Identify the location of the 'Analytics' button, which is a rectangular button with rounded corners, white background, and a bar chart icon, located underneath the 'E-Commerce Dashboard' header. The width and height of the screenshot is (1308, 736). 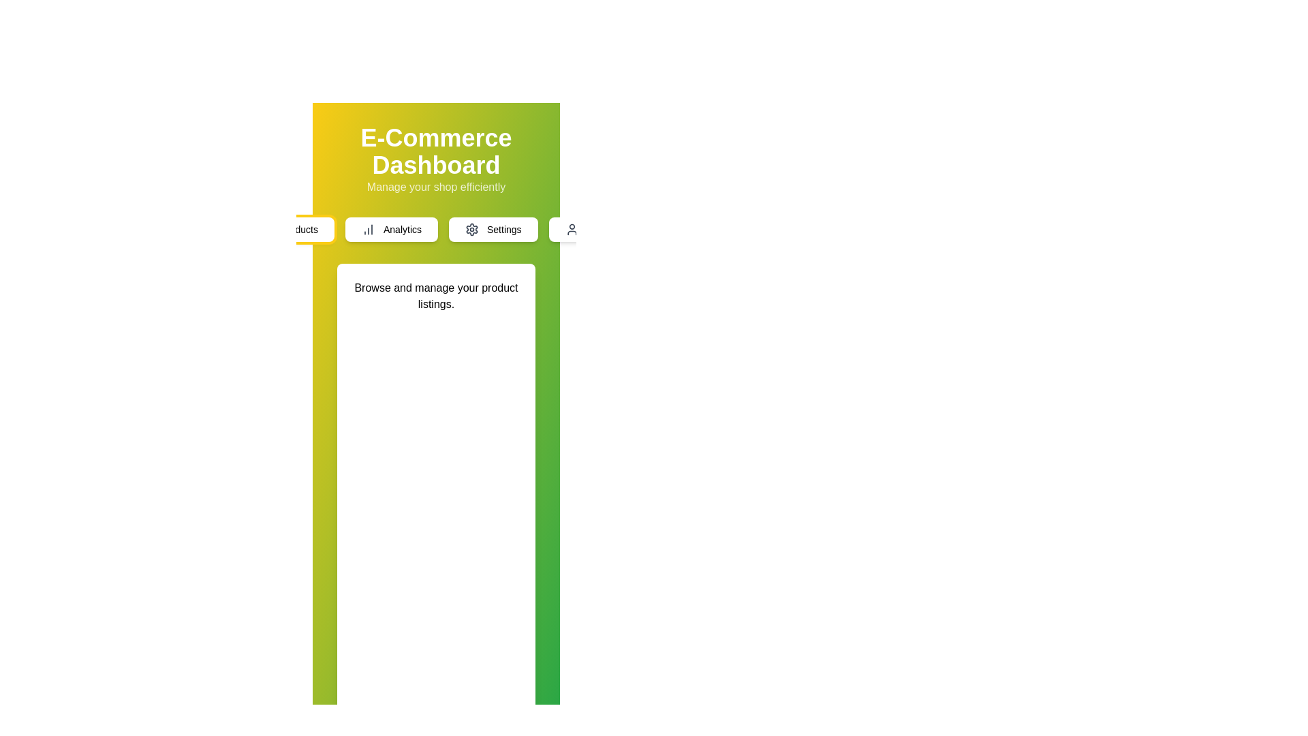
(391, 228).